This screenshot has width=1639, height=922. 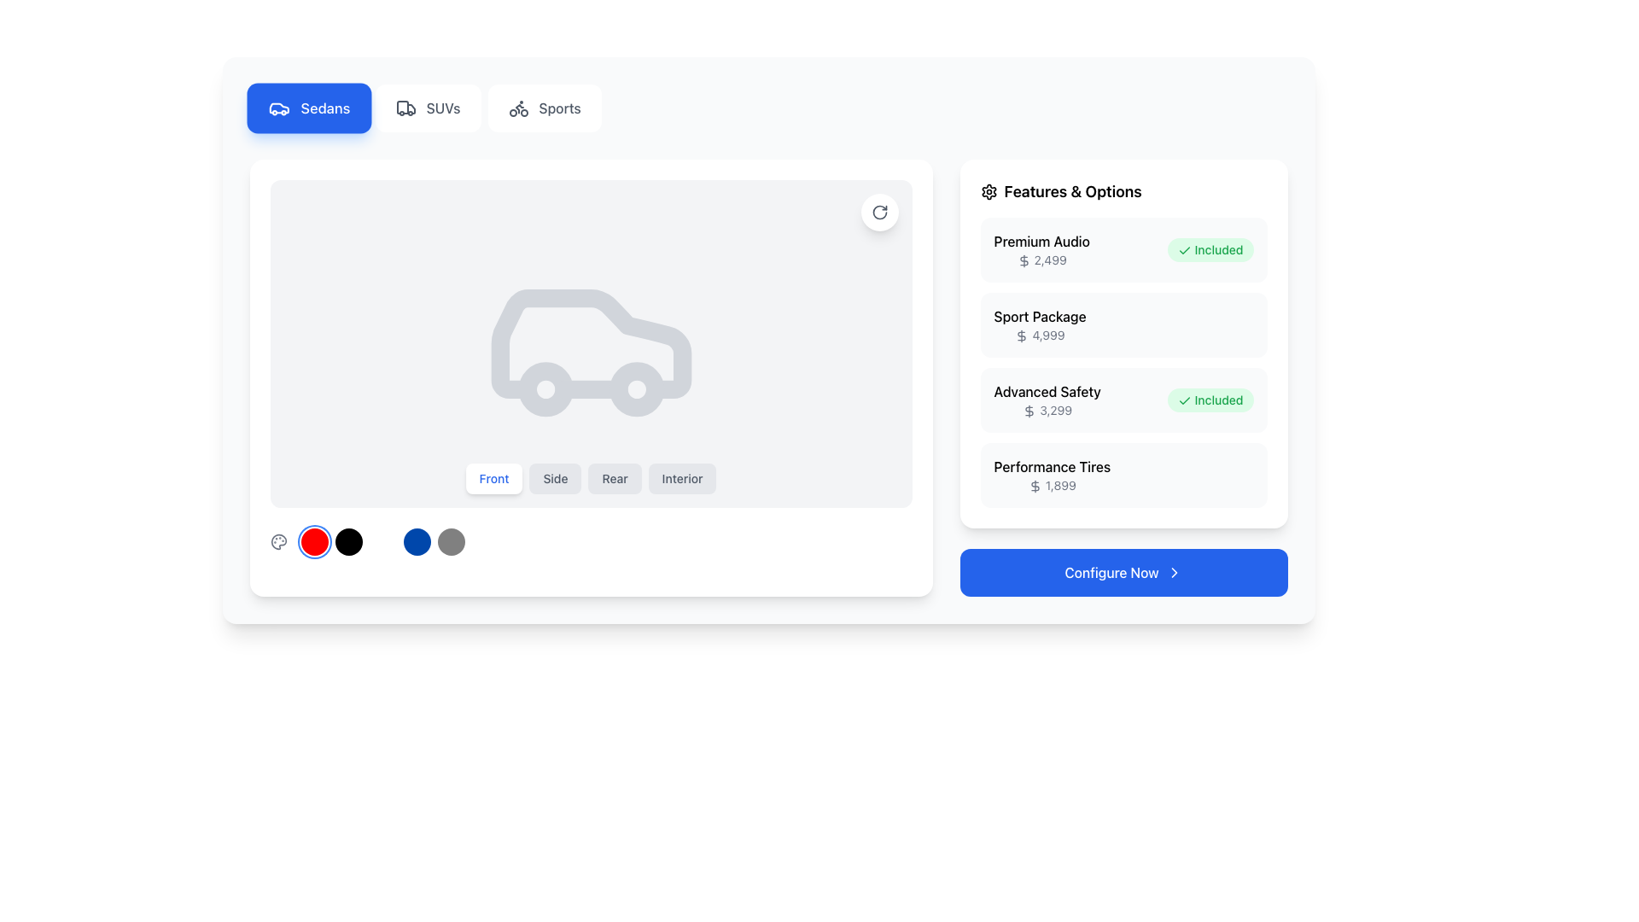 What do you see at coordinates (989, 191) in the screenshot?
I see `the settings icon resembling a gear, located to the left of the 'Features & Options' header` at bounding box center [989, 191].